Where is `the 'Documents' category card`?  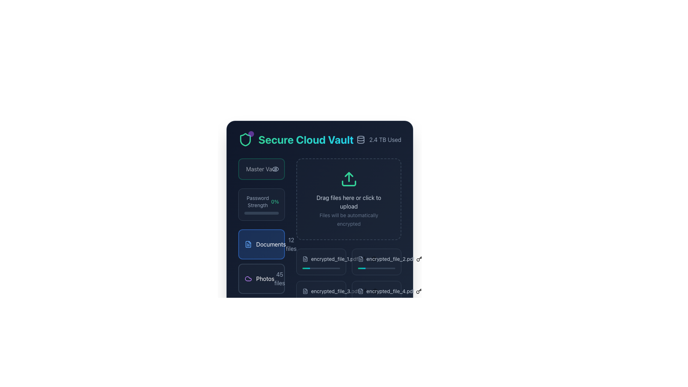 the 'Documents' category card is located at coordinates (261, 244).